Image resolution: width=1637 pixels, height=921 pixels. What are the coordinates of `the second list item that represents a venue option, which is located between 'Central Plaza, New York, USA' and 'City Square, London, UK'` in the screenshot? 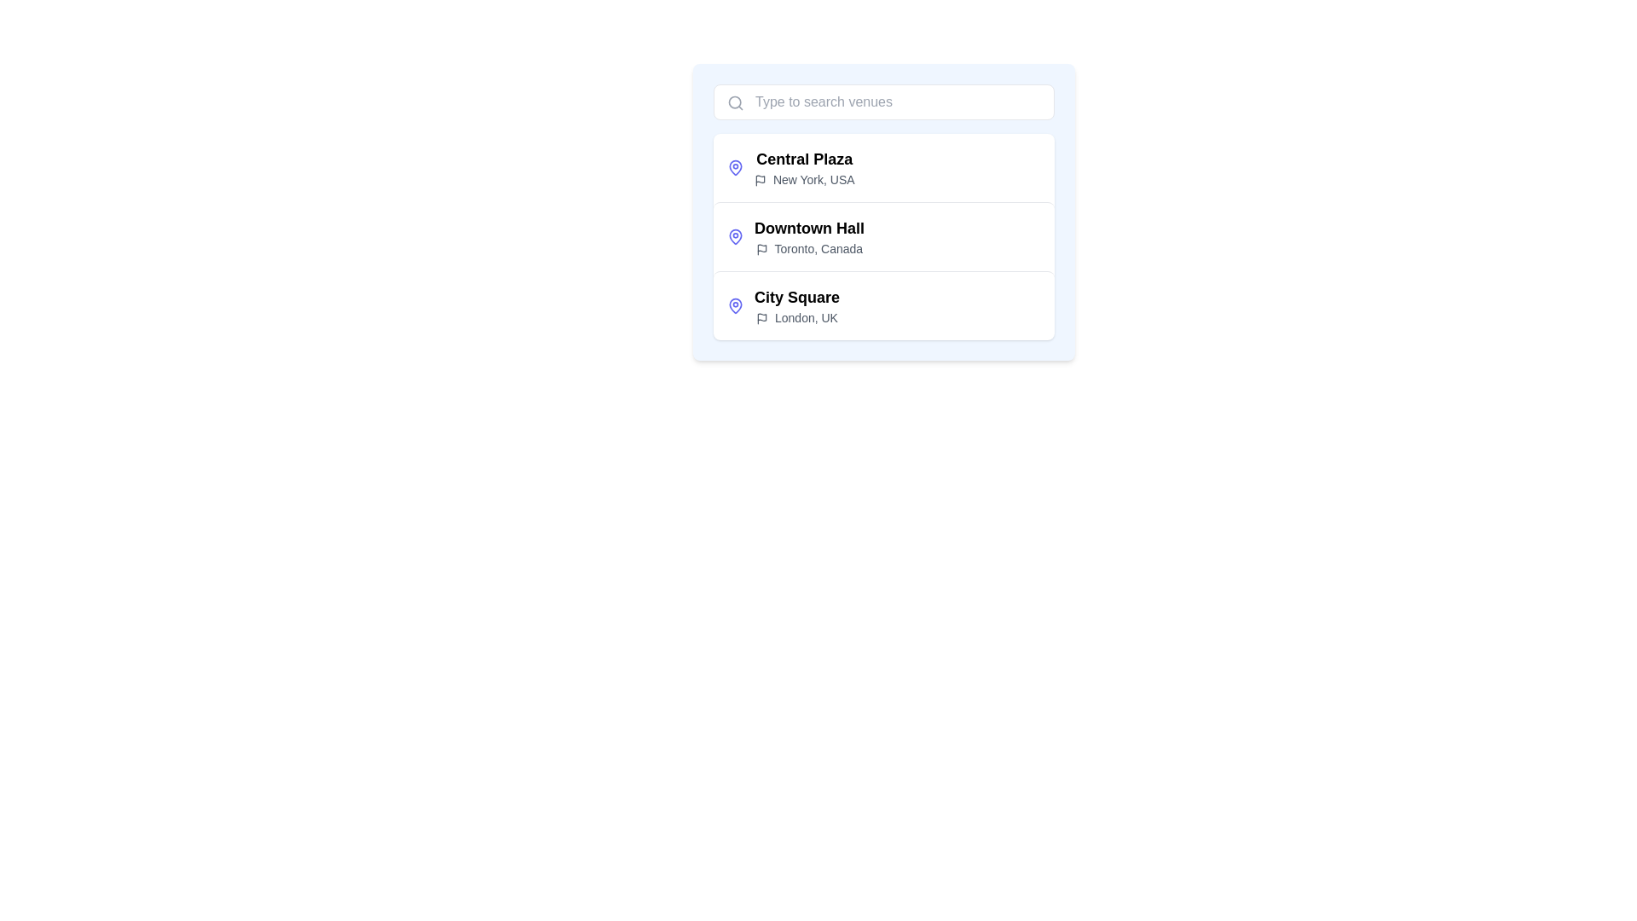 It's located at (808, 236).